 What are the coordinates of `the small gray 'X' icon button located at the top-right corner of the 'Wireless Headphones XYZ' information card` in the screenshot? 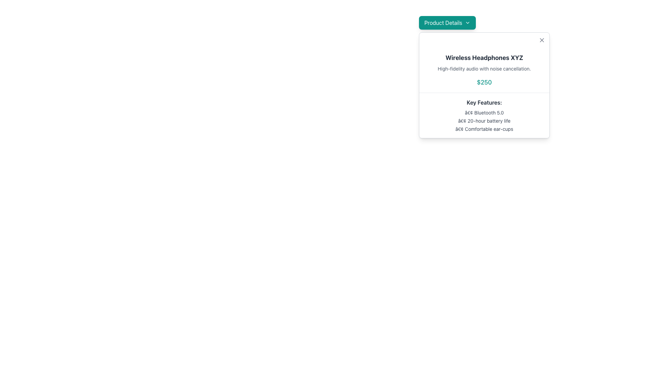 It's located at (541, 40).